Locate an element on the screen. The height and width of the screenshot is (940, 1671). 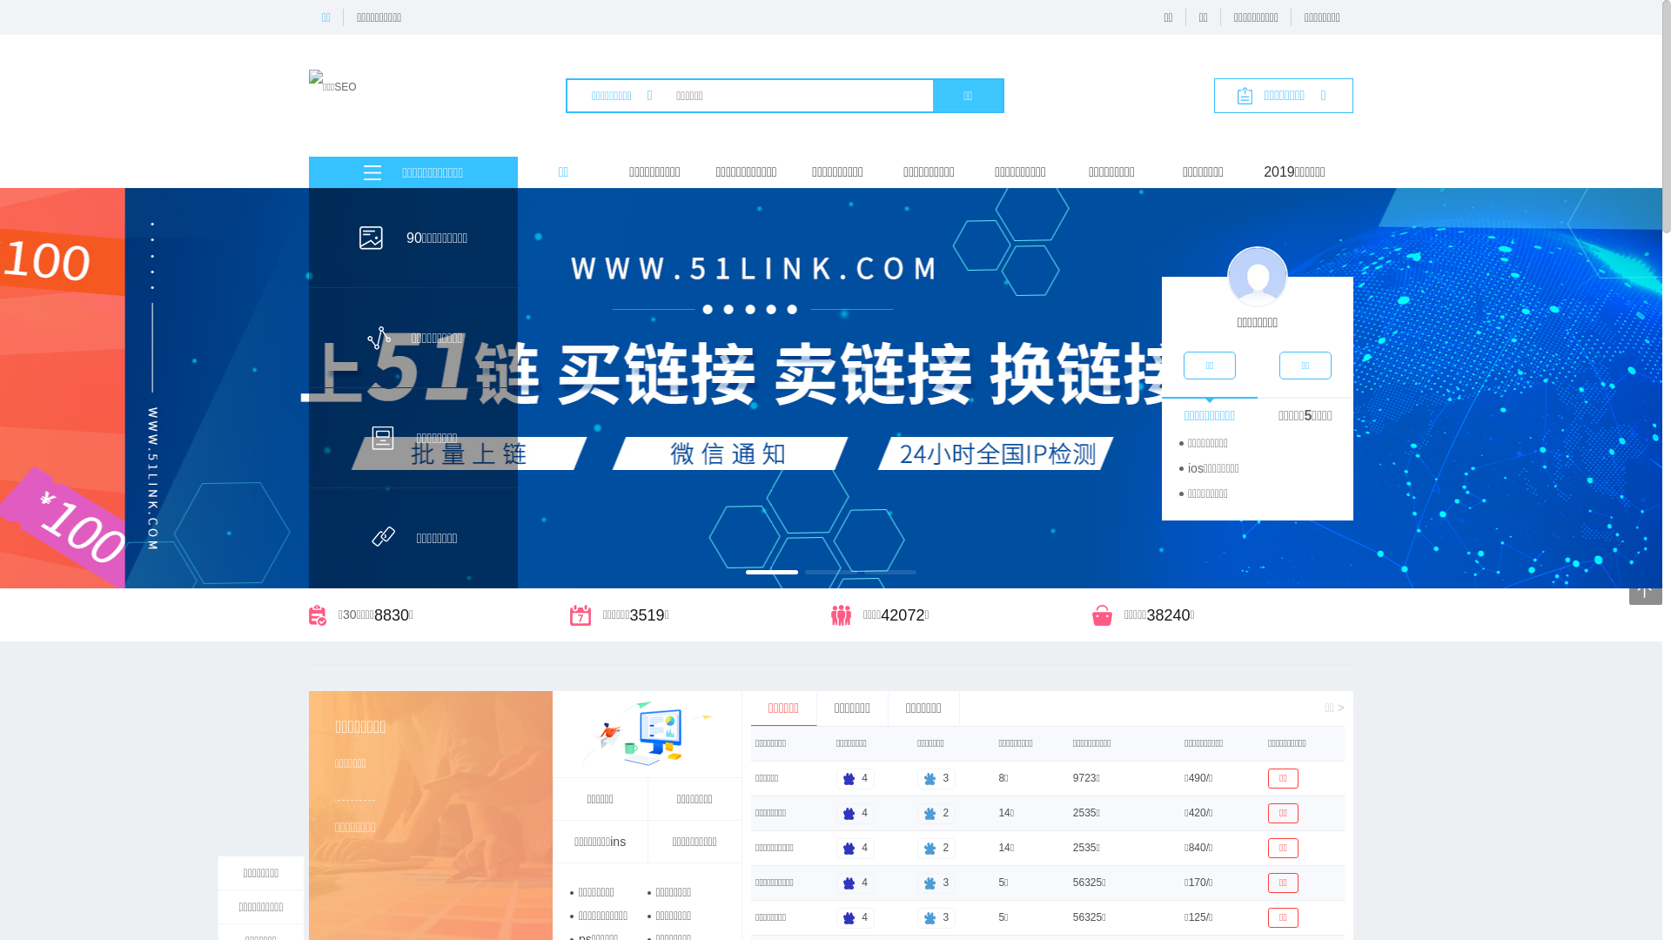
'2' is located at coordinates (935, 847).